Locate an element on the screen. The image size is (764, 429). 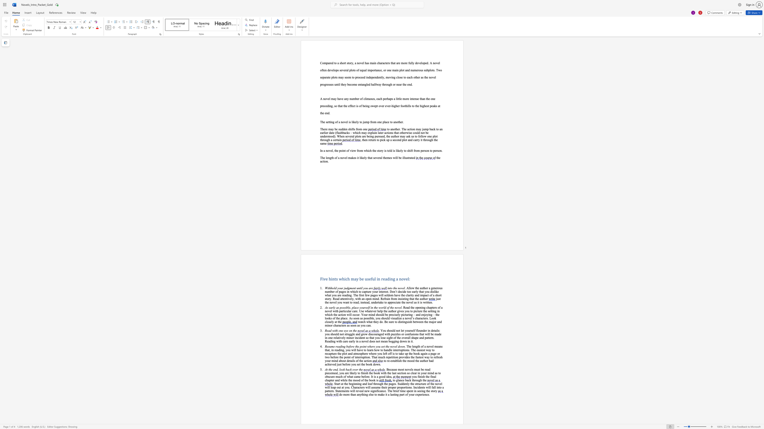
the subset text "e useful in reading" within the text "Five hints which may be useful in reading a novel:" is located at coordinates (362, 279).